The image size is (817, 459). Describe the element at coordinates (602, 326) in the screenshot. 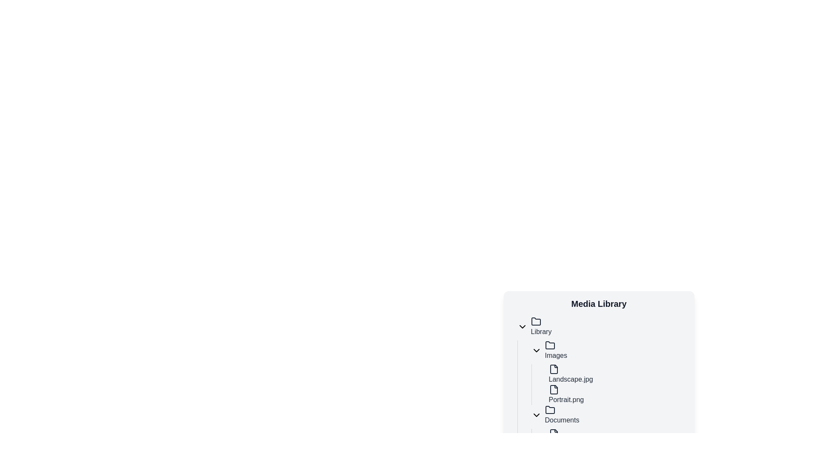

I see `the expandable folder item located at the top of the Media Library list` at that location.